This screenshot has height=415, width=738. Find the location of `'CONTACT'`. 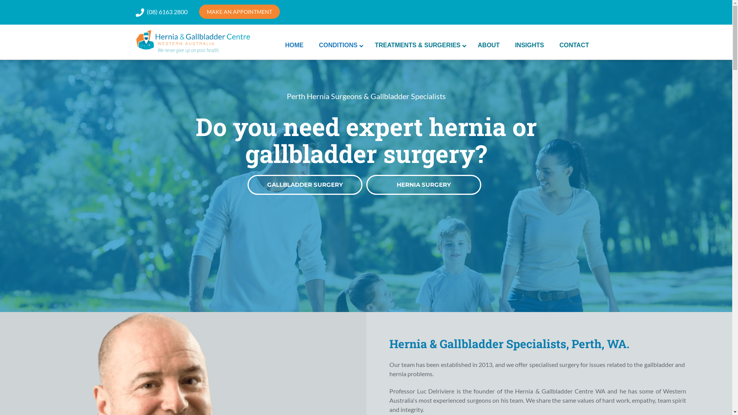

'CONTACT' is located at coordinates (574, 45).